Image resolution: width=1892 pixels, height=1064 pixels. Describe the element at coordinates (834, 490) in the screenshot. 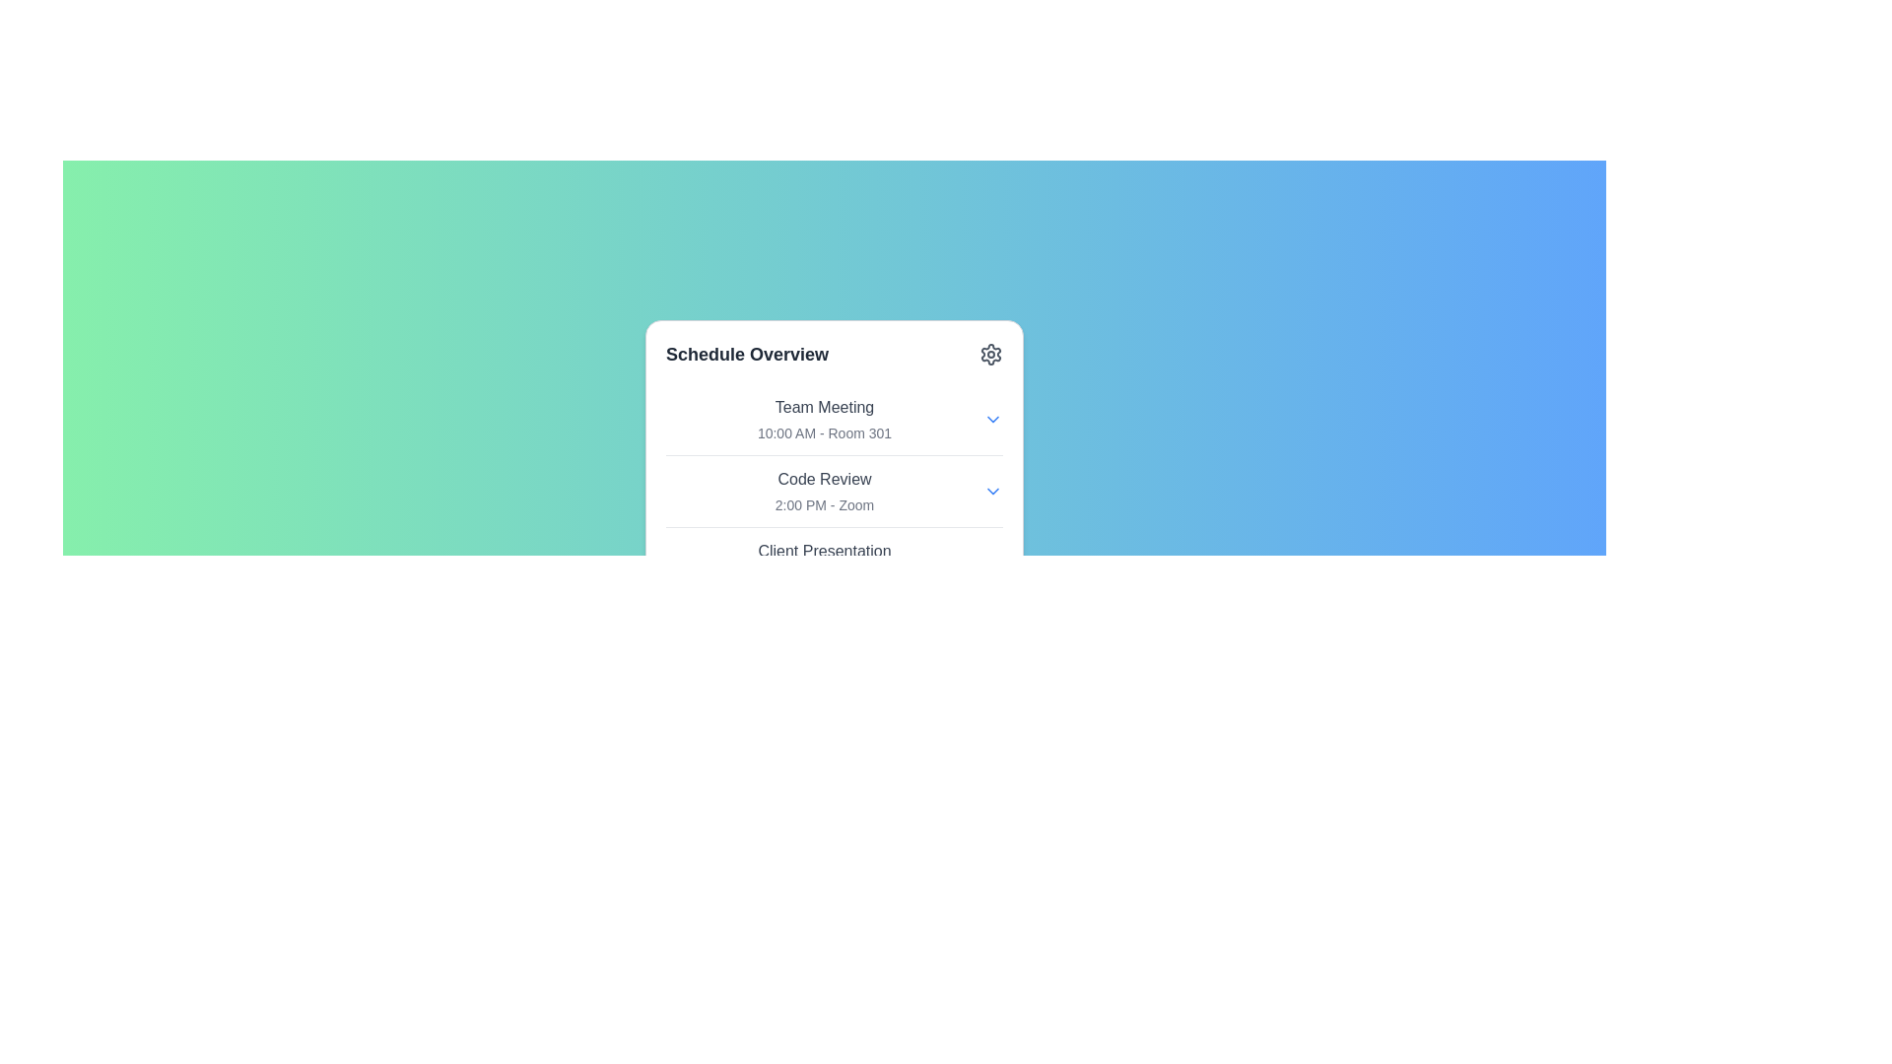

I see `the Information block that provides details about the meeting titled 'Code Review', which is the second item in a vertically divided list within the schedule overview box` at that location.